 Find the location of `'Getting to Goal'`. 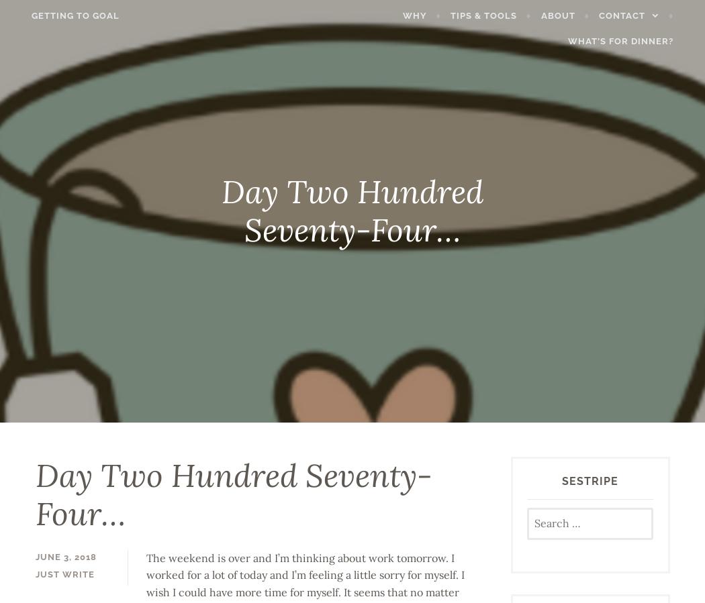

'Getting to Goal' is located at coordinates (60, 14).